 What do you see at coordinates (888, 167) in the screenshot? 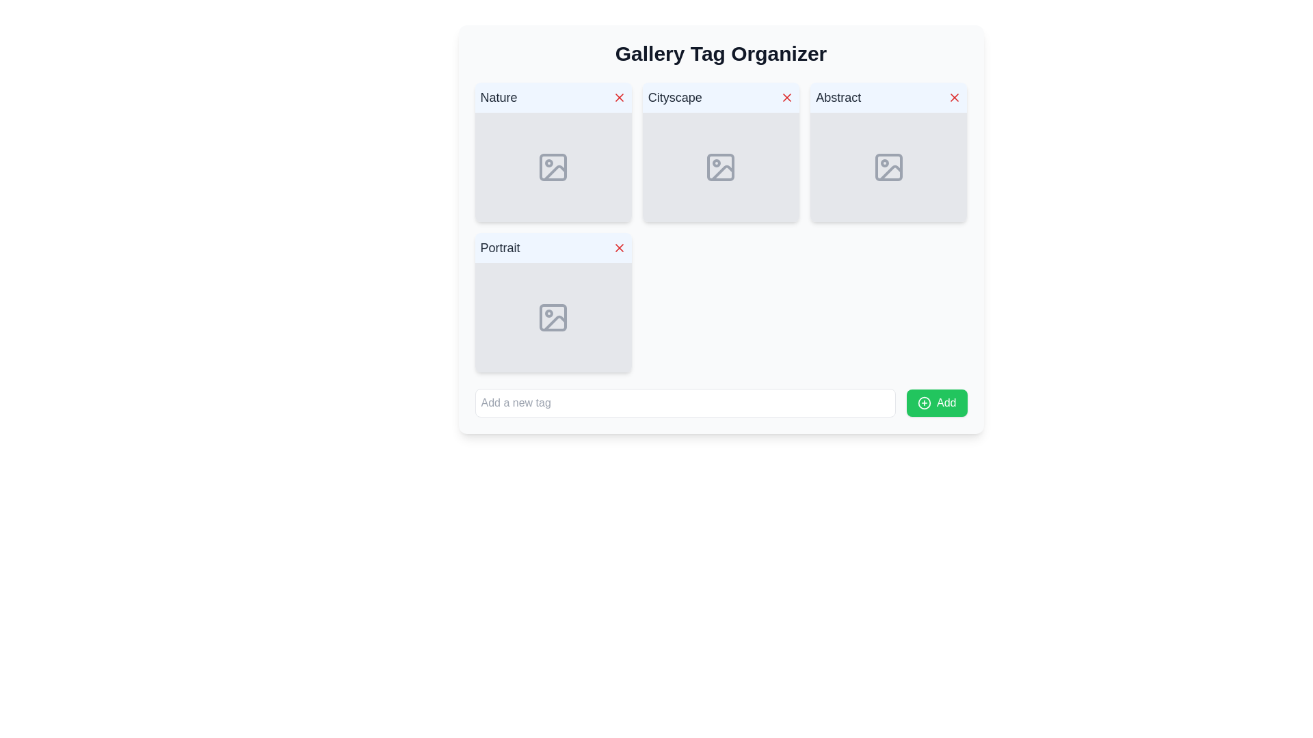
I see `the placeholder icon for media content located in the 'Abstract' section at the top-right of the grid` at bounding box center [888, 167].